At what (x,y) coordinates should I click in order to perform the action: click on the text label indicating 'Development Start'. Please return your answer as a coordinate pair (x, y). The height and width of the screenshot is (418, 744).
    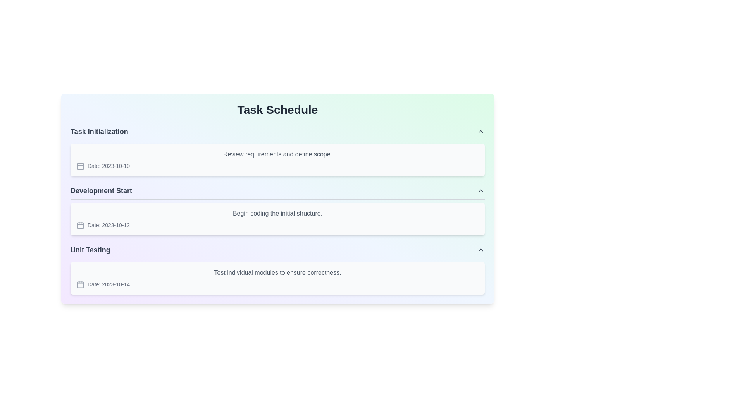
    Looking at the image, I should click on (101, 191).